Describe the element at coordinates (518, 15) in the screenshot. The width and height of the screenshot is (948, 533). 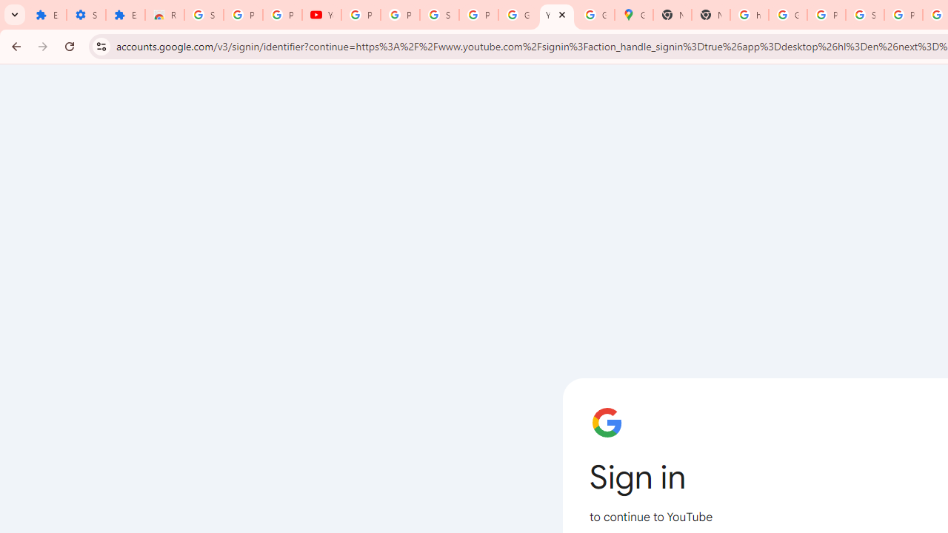
I see `'Google Account'` at that location.